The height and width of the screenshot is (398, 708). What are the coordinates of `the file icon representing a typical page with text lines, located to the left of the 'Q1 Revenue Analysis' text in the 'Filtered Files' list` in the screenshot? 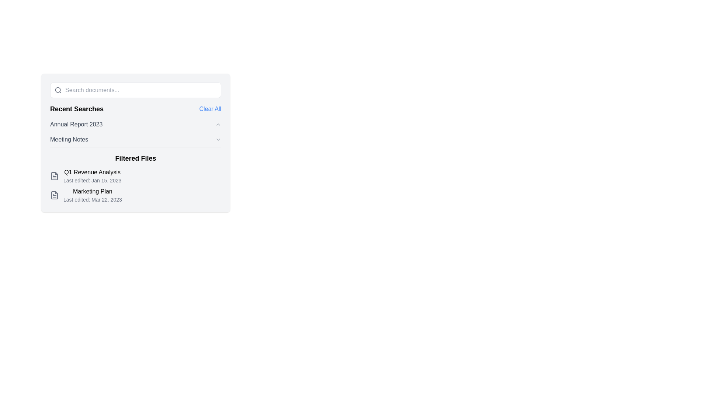 It's located at (54, 176).